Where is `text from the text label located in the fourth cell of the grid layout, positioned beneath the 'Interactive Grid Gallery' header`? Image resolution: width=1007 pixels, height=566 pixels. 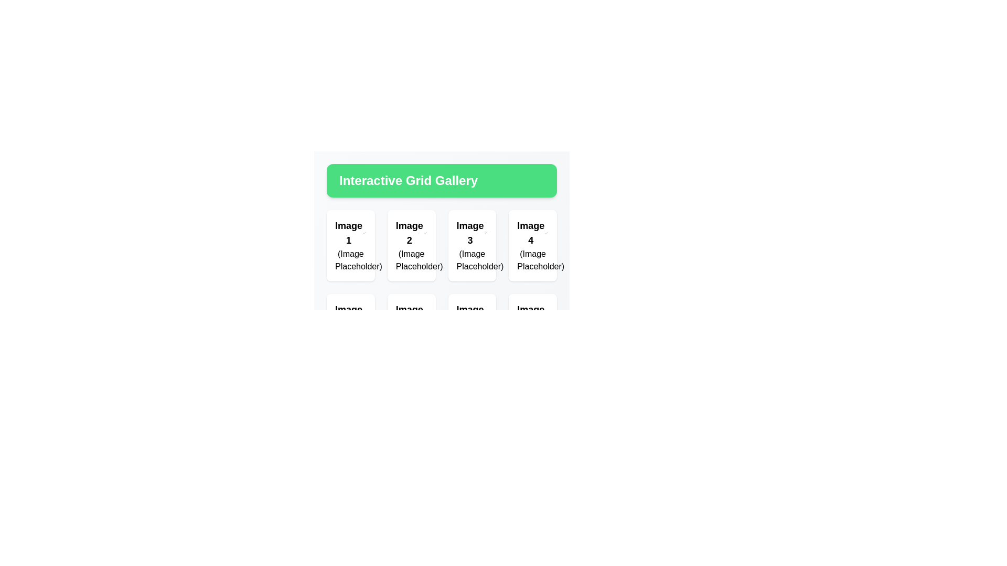 text from the text label located in the fourth cell of the grid layout, positioned beneath the 'Interactive Grid Gallery' header is located at coordinates (533, 232).